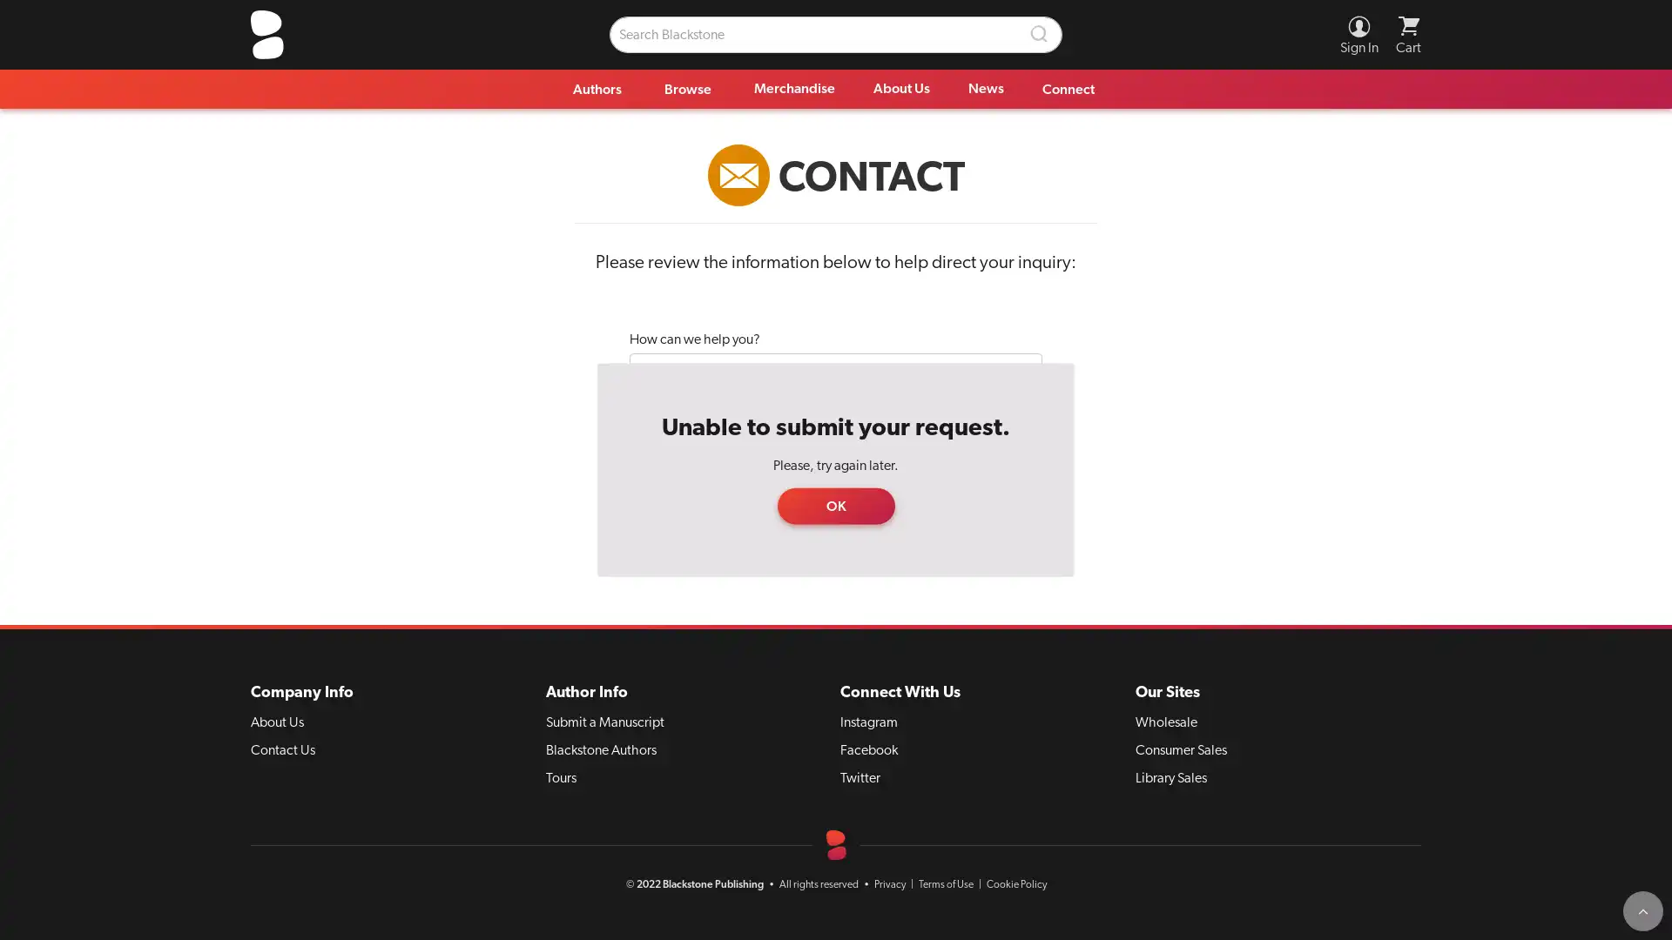 Image resolution: width=1672 pixels, height=940 pixels. I want to click on Search, so click(1040, 34).